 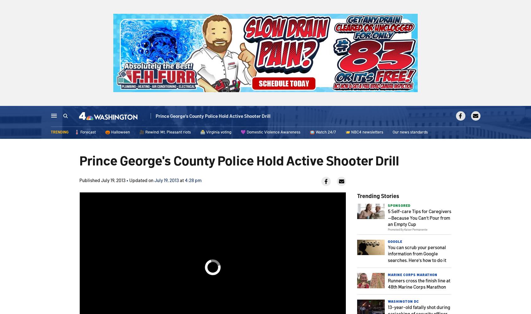 What do you see at coordinates (388, 274) in the screenshot?
I see `'Marine Corps Marathon'` at bounding box center [388, 274].